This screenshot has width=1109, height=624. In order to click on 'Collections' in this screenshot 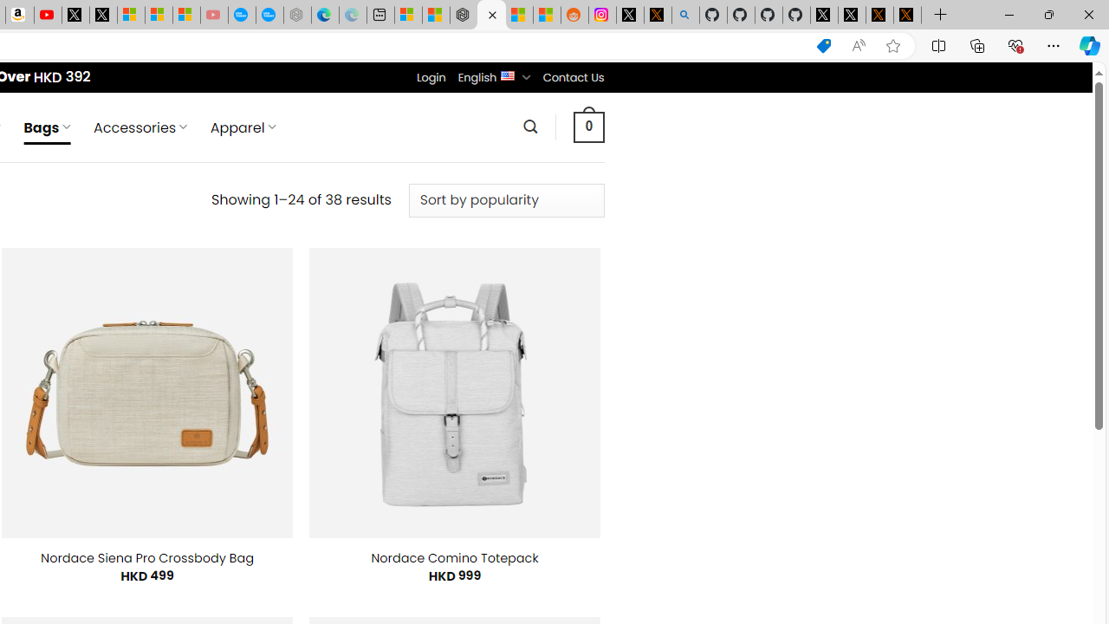, I will do `click(977, 44)`.